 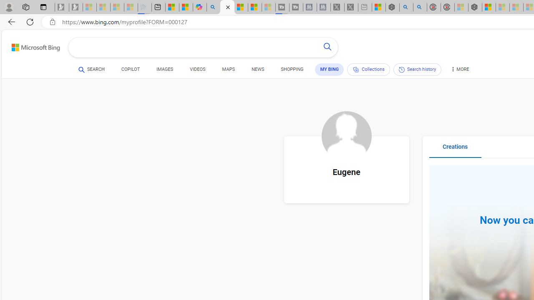 What do you see at coordinates (228, 69) in the screenshot?
I see `'MAPS'` at bounding box center [228, 69].